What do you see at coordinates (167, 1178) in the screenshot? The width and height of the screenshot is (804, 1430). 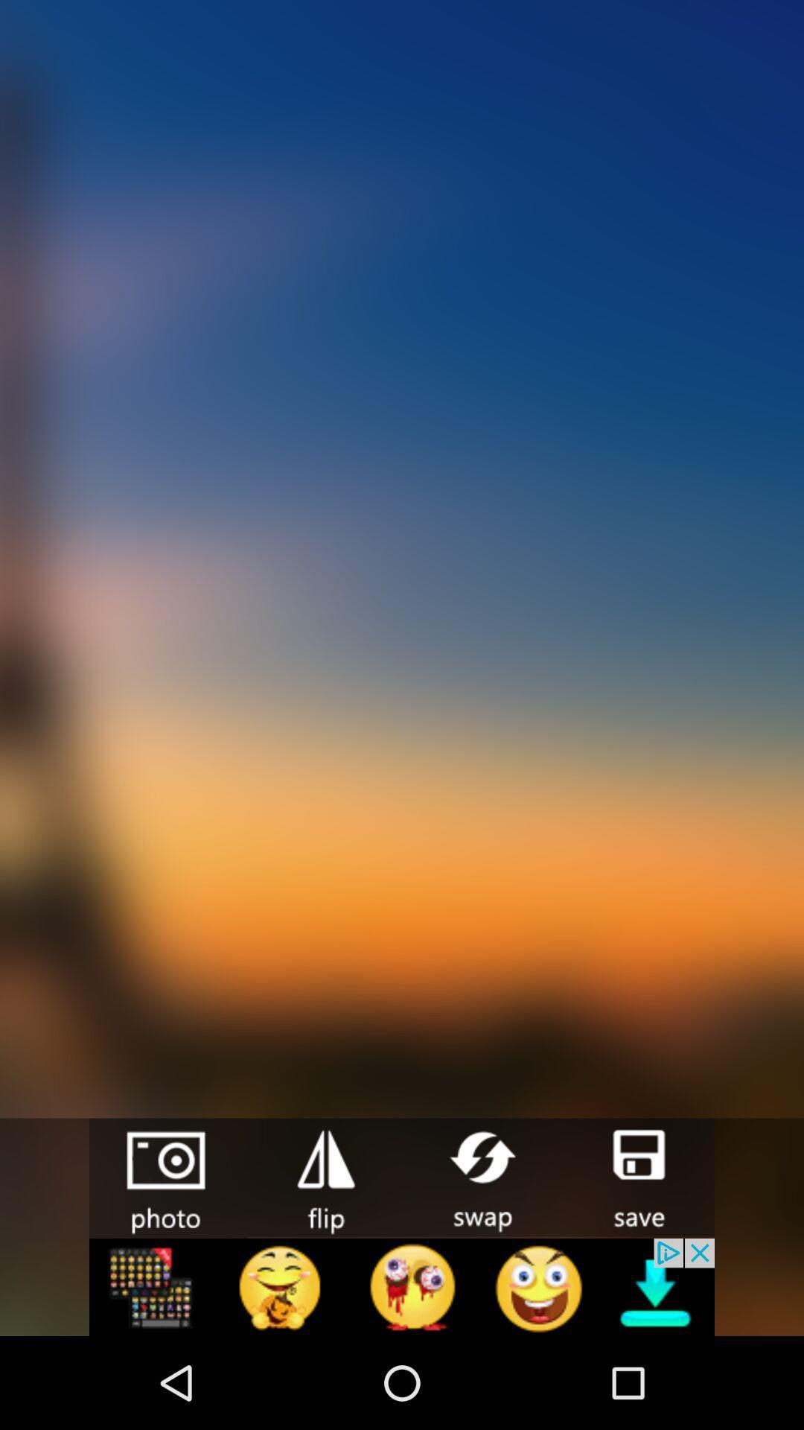 I see `take photo` at bounding box center [167, 1178].